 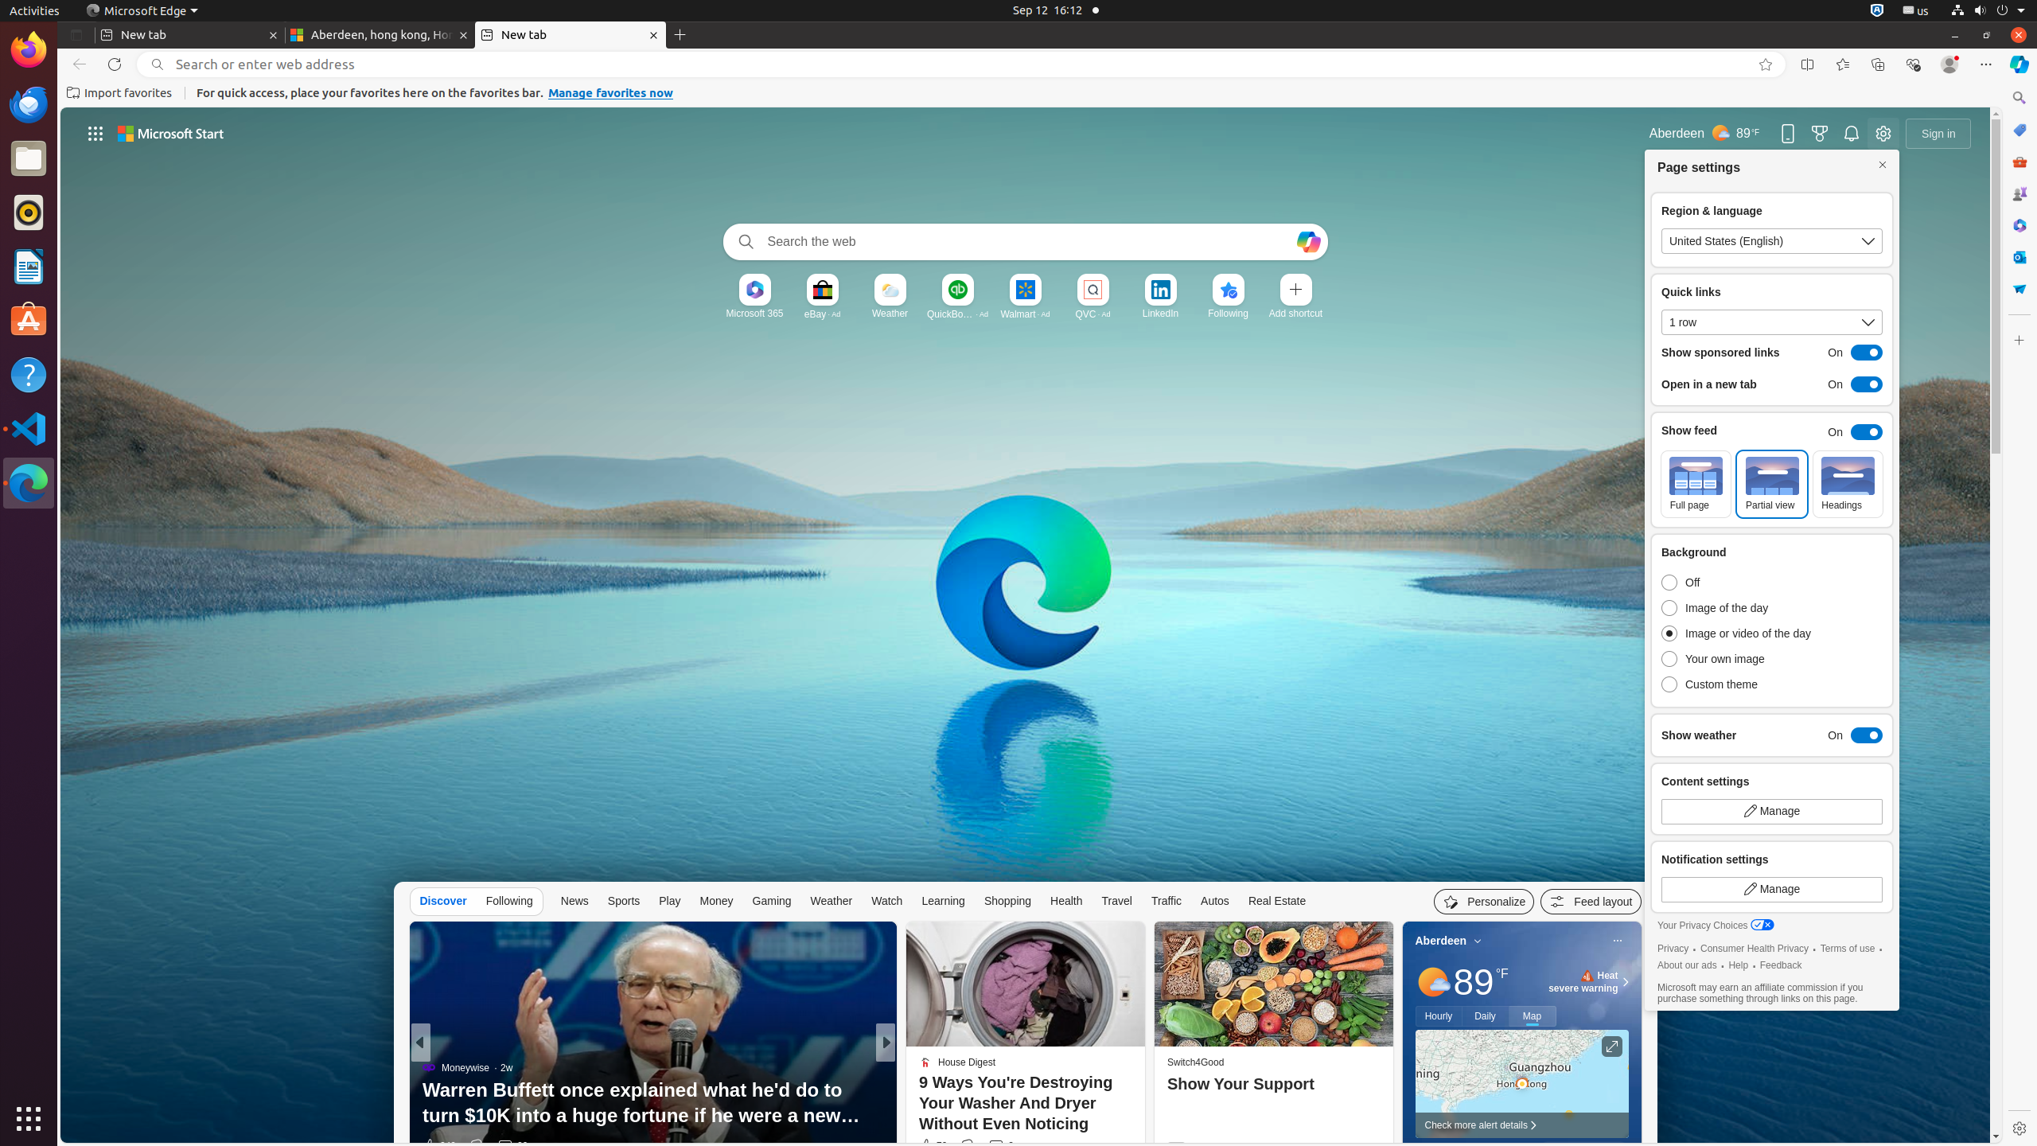 What do you see at coordinates (1739, 582) in the screenshot?
I see `'Off'` at bounding box center [1739, 582].